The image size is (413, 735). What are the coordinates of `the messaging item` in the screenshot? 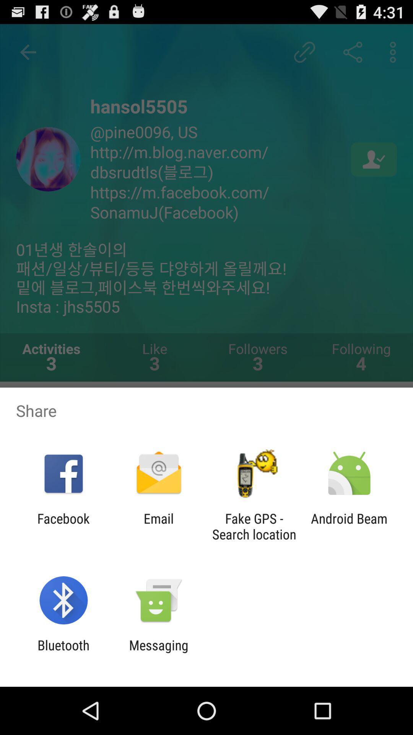 It's located at (158, 653).